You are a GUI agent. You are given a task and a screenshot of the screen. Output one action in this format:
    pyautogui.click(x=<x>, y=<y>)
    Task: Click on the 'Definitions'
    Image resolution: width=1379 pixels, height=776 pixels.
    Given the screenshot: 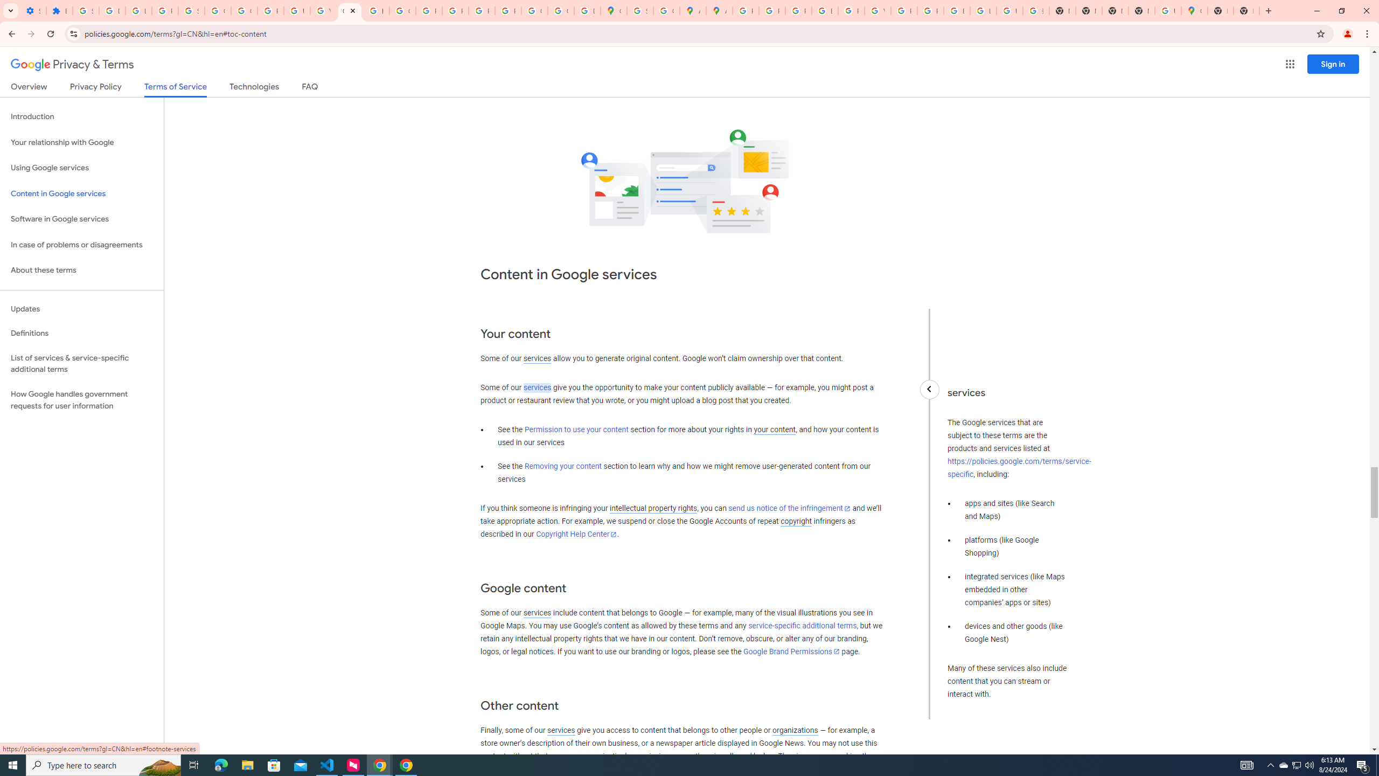 What is the action you would take?
    pyautogui.click(x=81, y=333)
    